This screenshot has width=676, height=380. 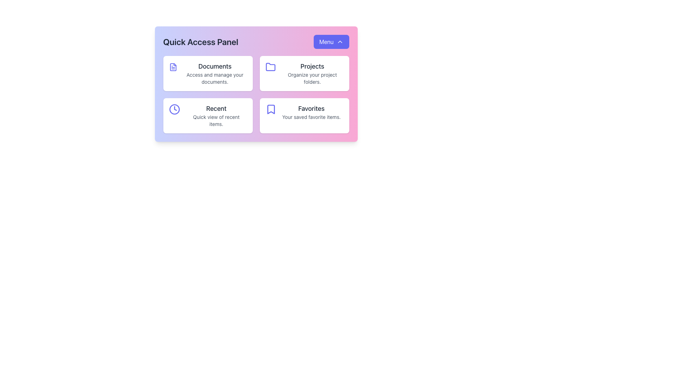 I want to click on the informational text component in the top-right card of the 'Quick Access Panel' that helps manage project folders, so click(x=312, y=73).